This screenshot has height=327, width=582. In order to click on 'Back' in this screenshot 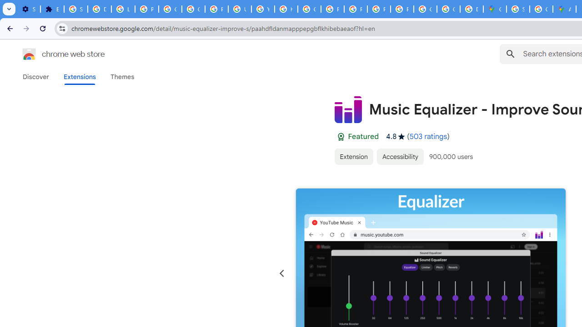, I will do `click(9, 28)`.